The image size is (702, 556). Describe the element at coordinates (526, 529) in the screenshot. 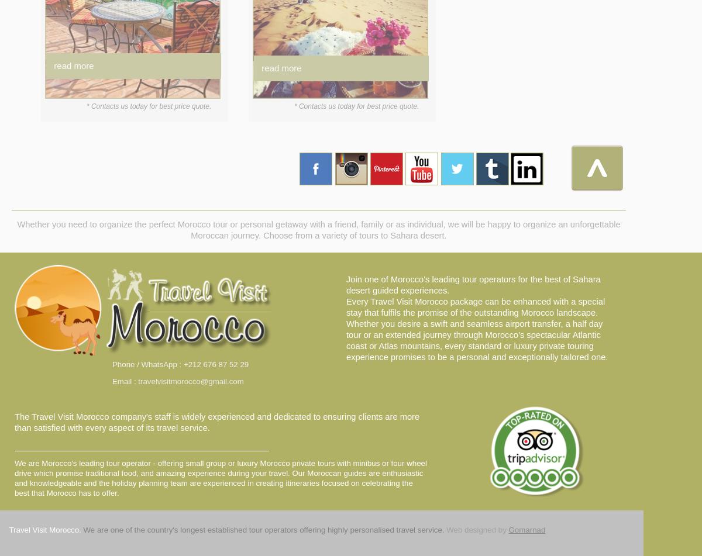

I see `'Gomarnad'` at that location.